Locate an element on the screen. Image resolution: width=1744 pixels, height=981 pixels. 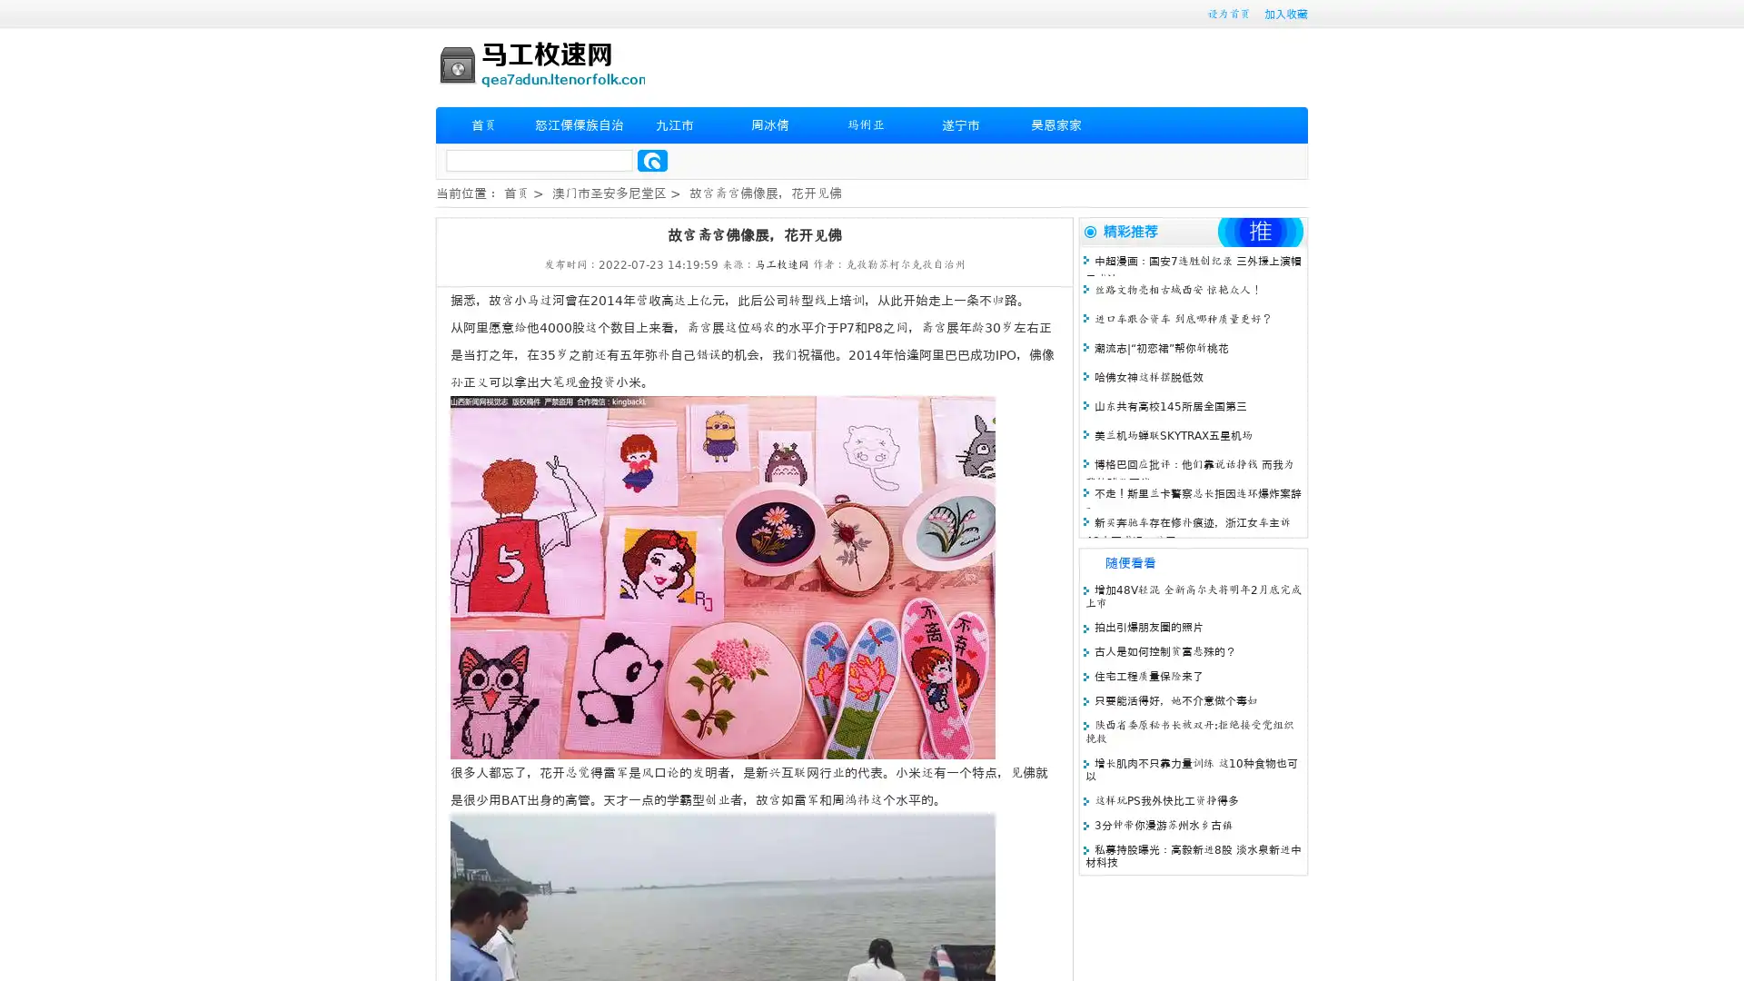
Search is located at coordinates (652, 160).